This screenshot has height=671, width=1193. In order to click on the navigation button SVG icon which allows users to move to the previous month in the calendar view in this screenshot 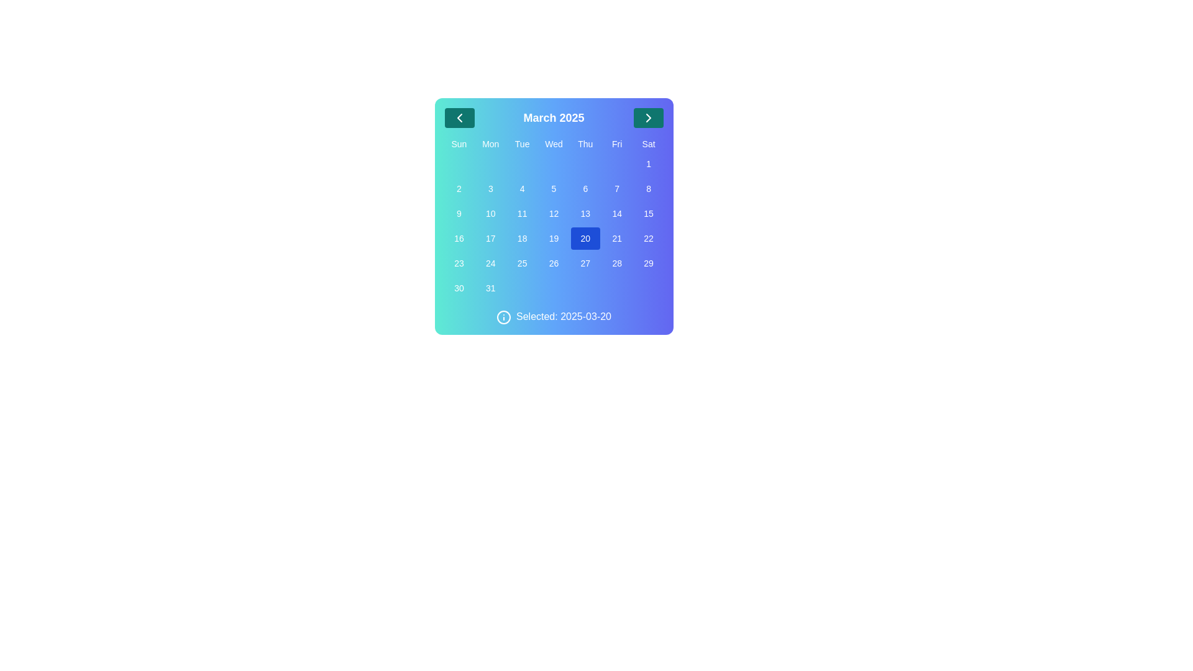, I will do `click(459, 117)`.